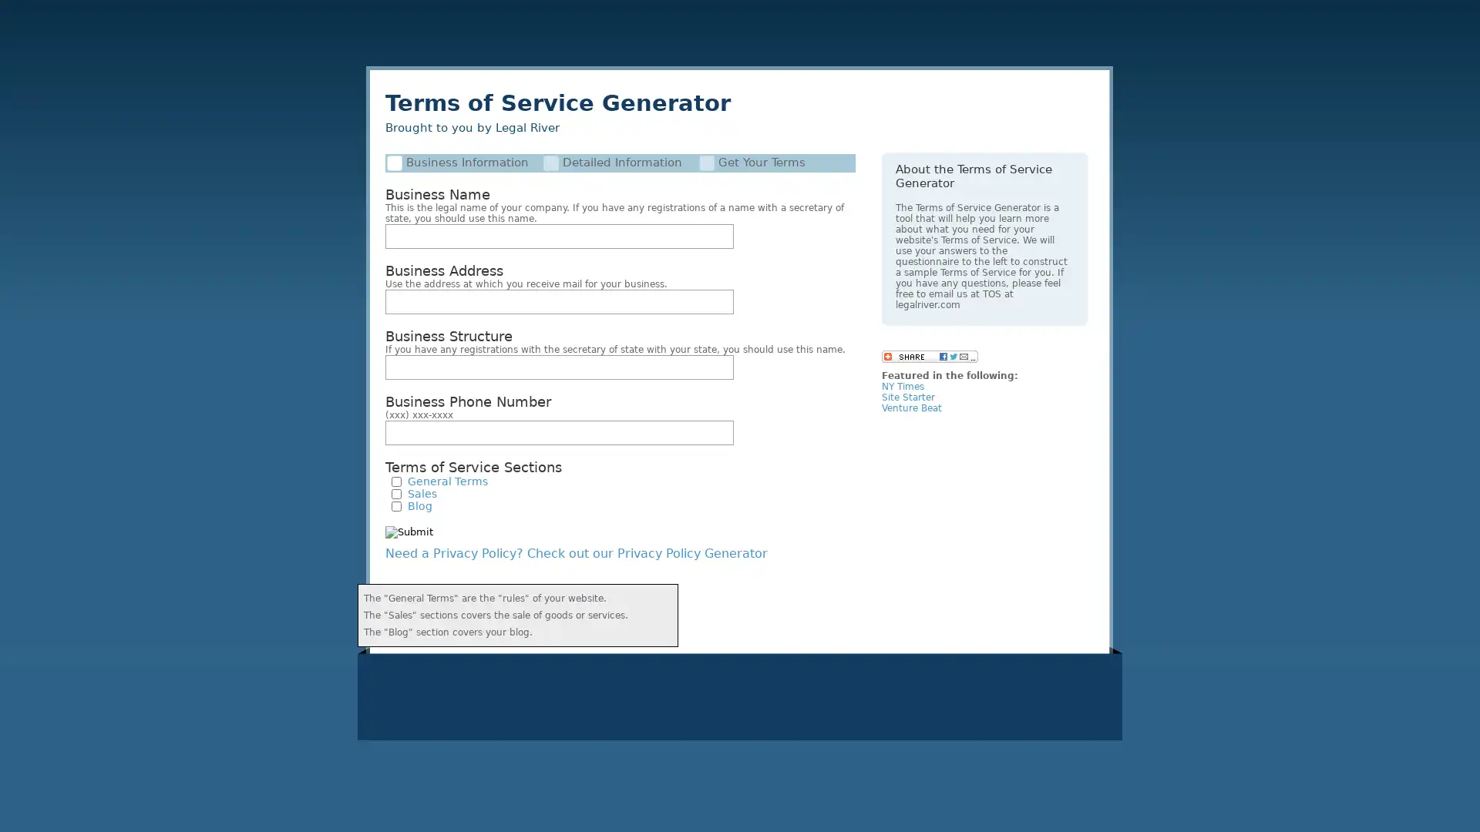 This screenshot has height=832, width=1480. I want to click on Submit, so click(409, 531).